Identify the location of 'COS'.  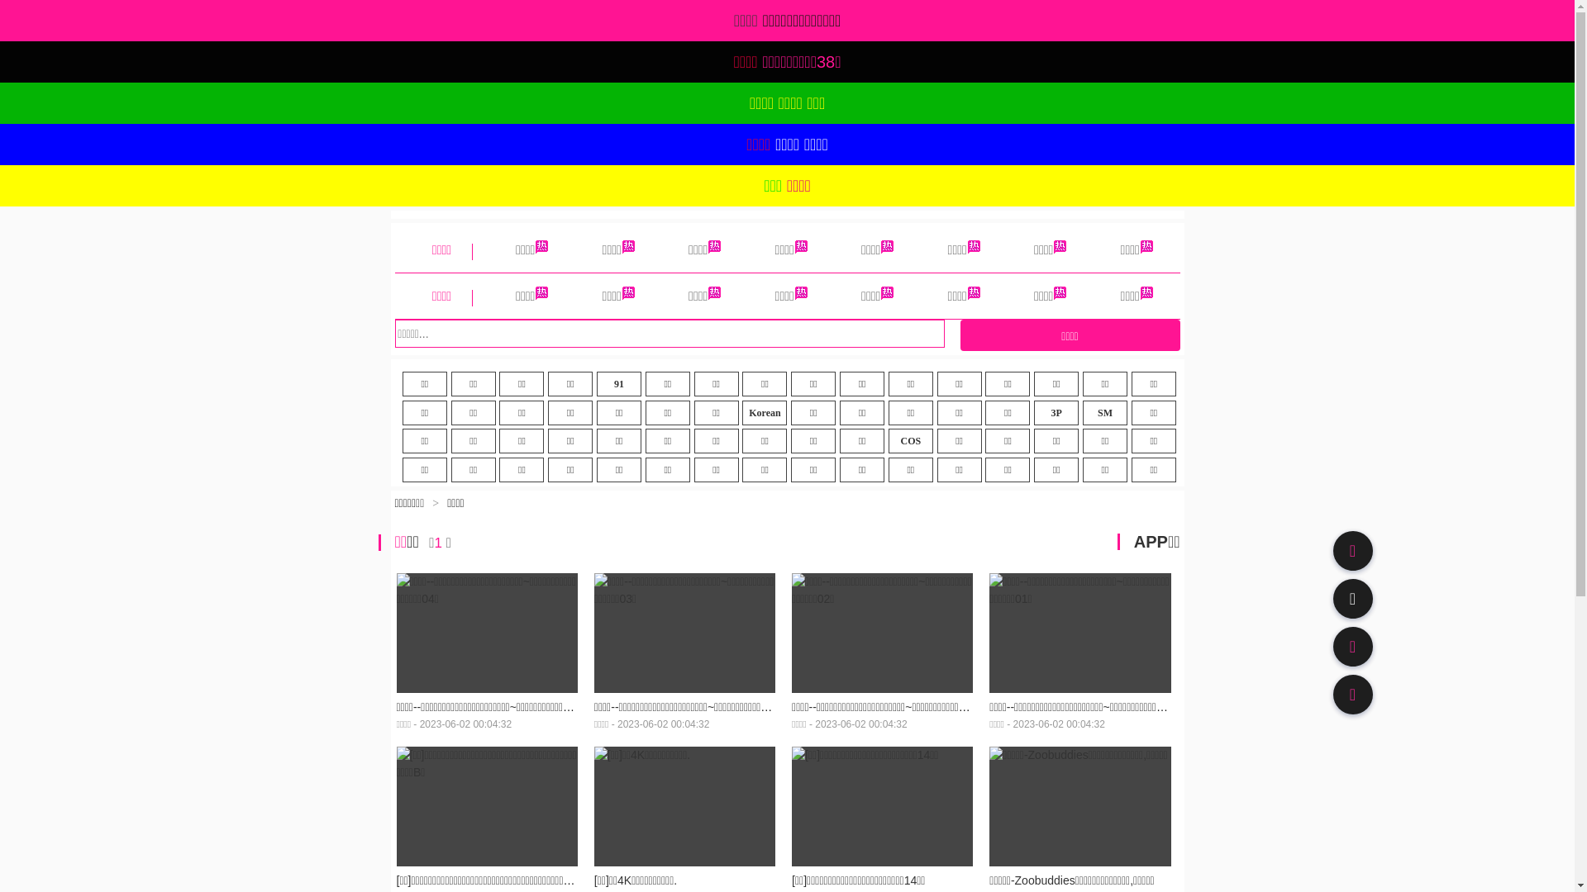
(910, 439).